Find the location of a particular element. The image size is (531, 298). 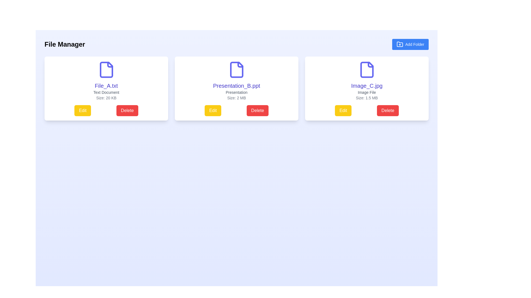

the static text label displaying the file size information for 'File_A.txt', located in the lower-center region of the card, beneath the 'Text Document' label is located at coordinates (106, 97).